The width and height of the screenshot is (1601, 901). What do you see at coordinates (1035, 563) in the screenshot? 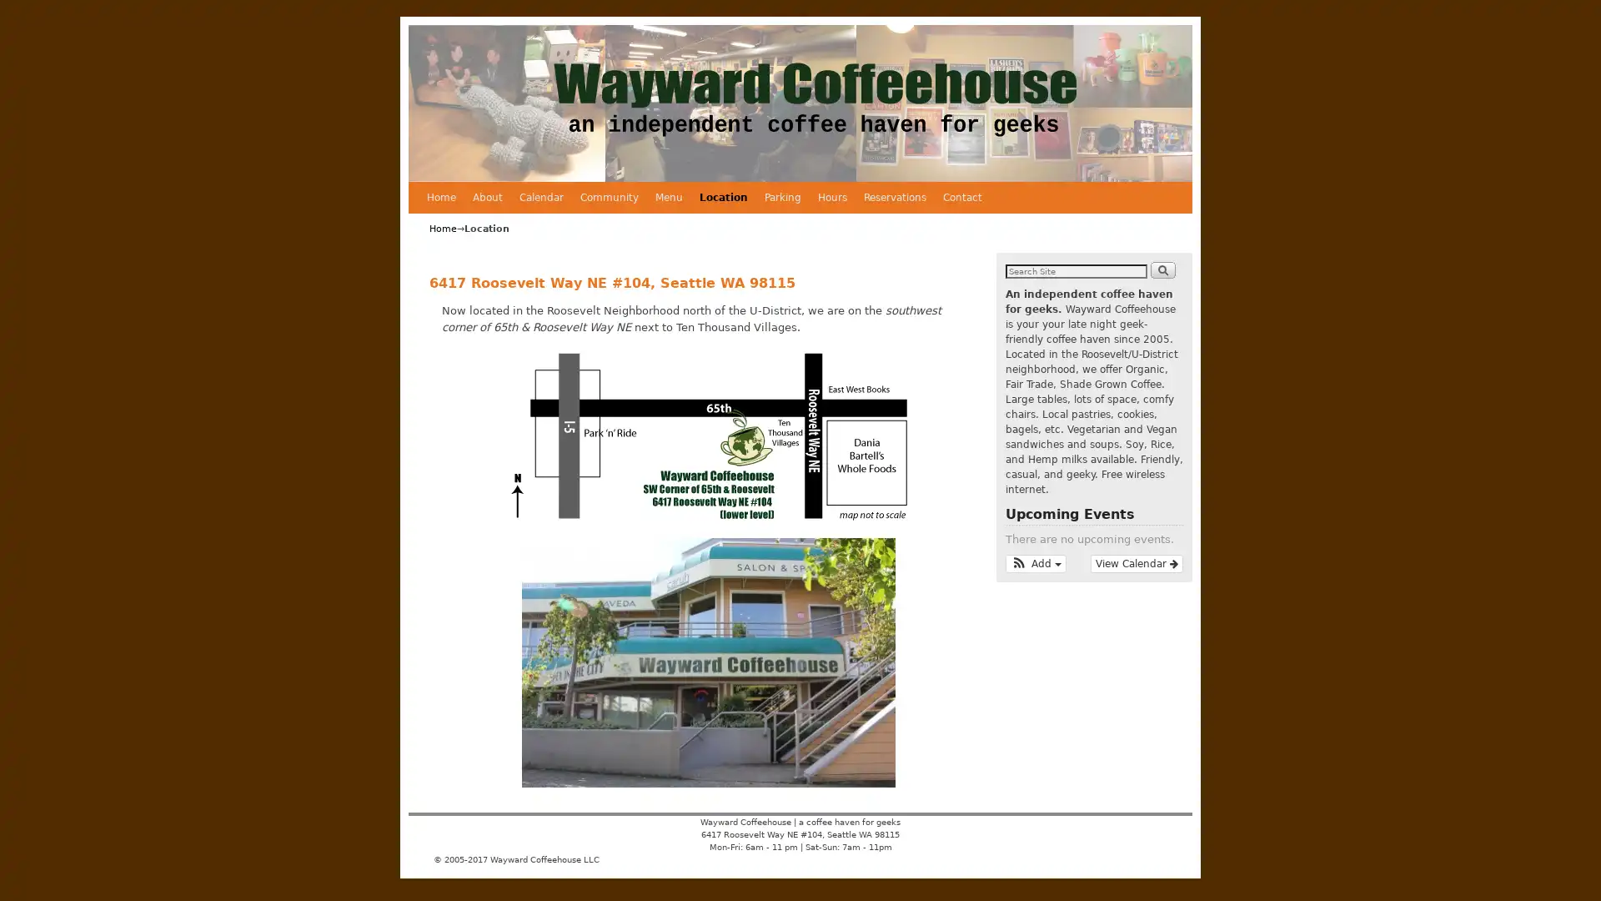
I see `Add` at bounding box center [1035, 563].